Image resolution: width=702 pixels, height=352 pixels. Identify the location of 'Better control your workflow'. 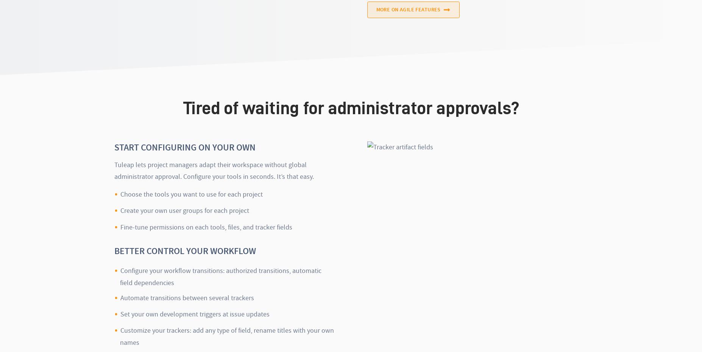
(185, 251).